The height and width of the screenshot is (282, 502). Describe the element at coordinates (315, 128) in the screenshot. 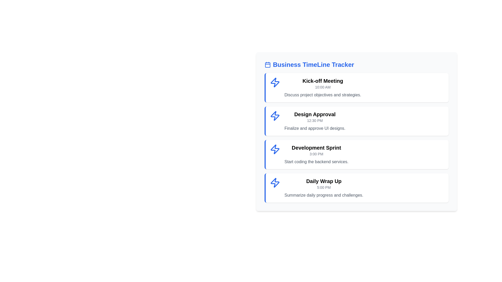

I see `the text label containing 'Finalize and approve UI designs.' which is positioned below the 'Design Approval' heading in the Business Timeline Tracker interface` at that location.